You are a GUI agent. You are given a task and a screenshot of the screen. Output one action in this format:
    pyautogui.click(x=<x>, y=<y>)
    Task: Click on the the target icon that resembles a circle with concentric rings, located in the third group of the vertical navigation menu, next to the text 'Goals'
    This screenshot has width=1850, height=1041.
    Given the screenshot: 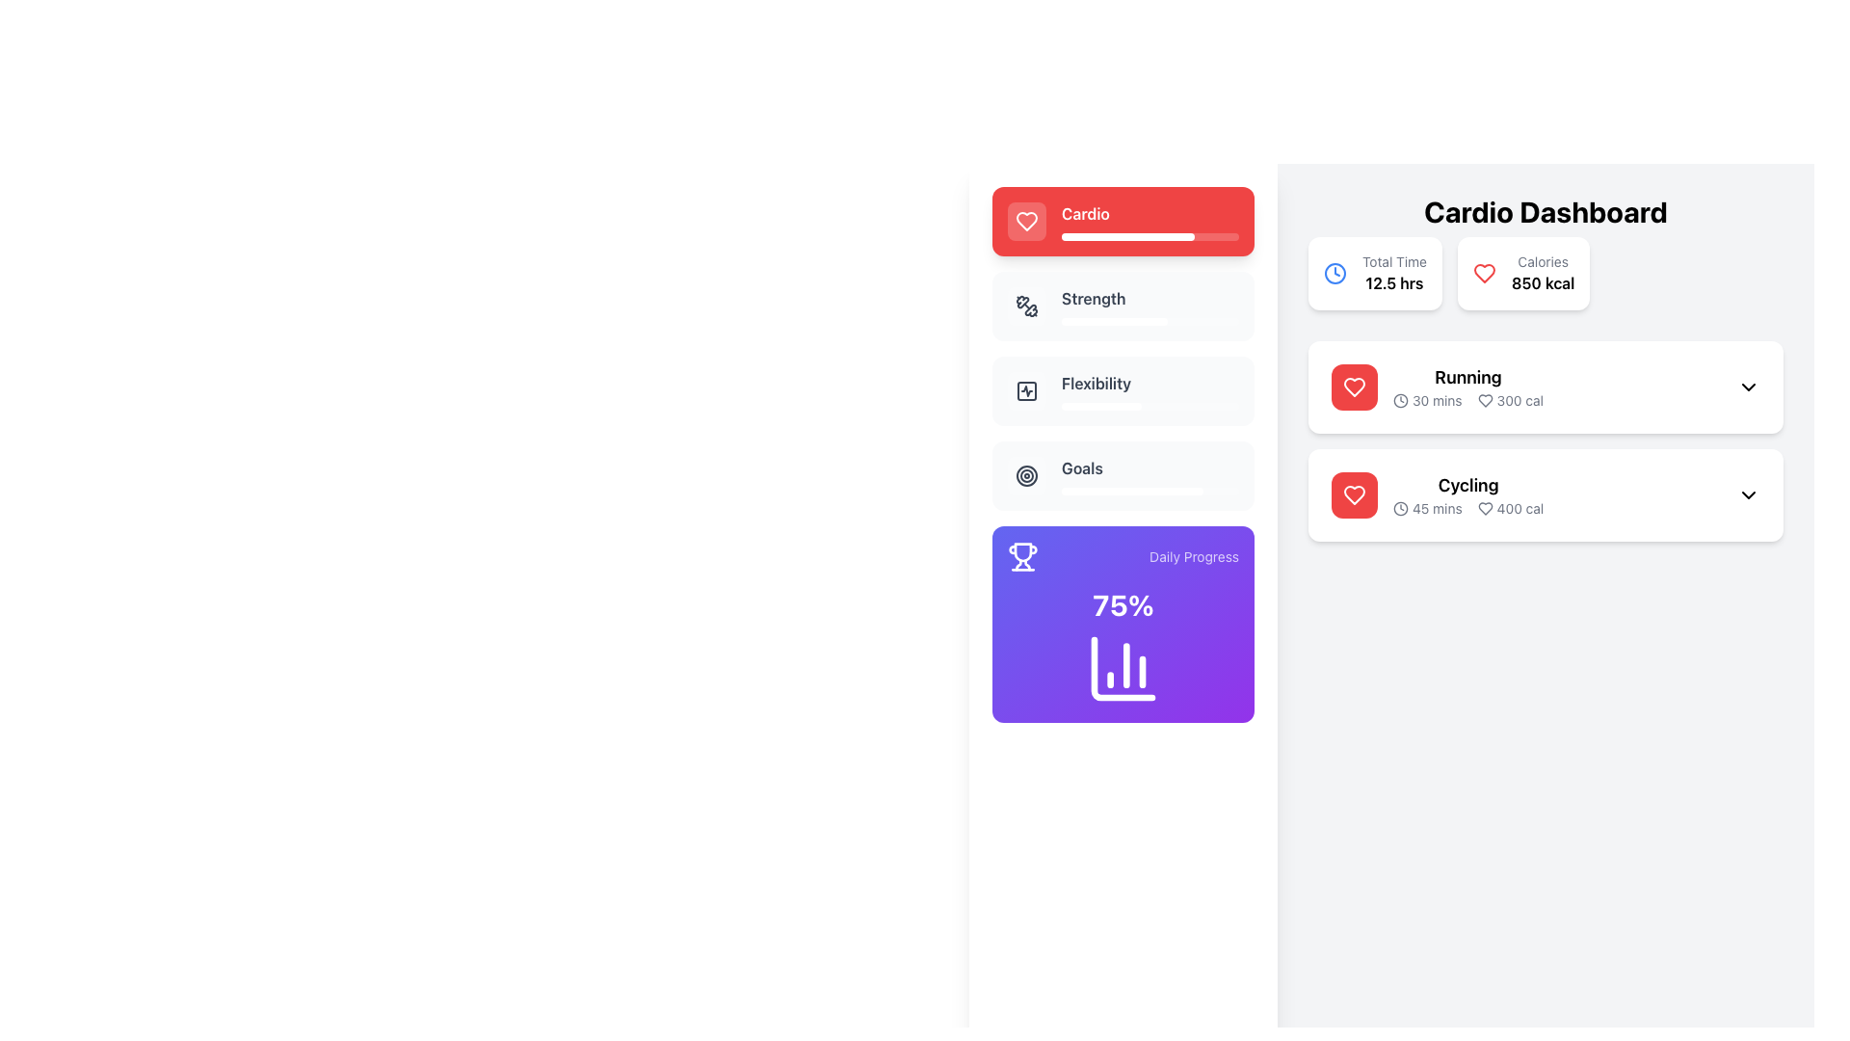 What is the action you would take?
    pyautogui.click(x=1025, y=475)
    